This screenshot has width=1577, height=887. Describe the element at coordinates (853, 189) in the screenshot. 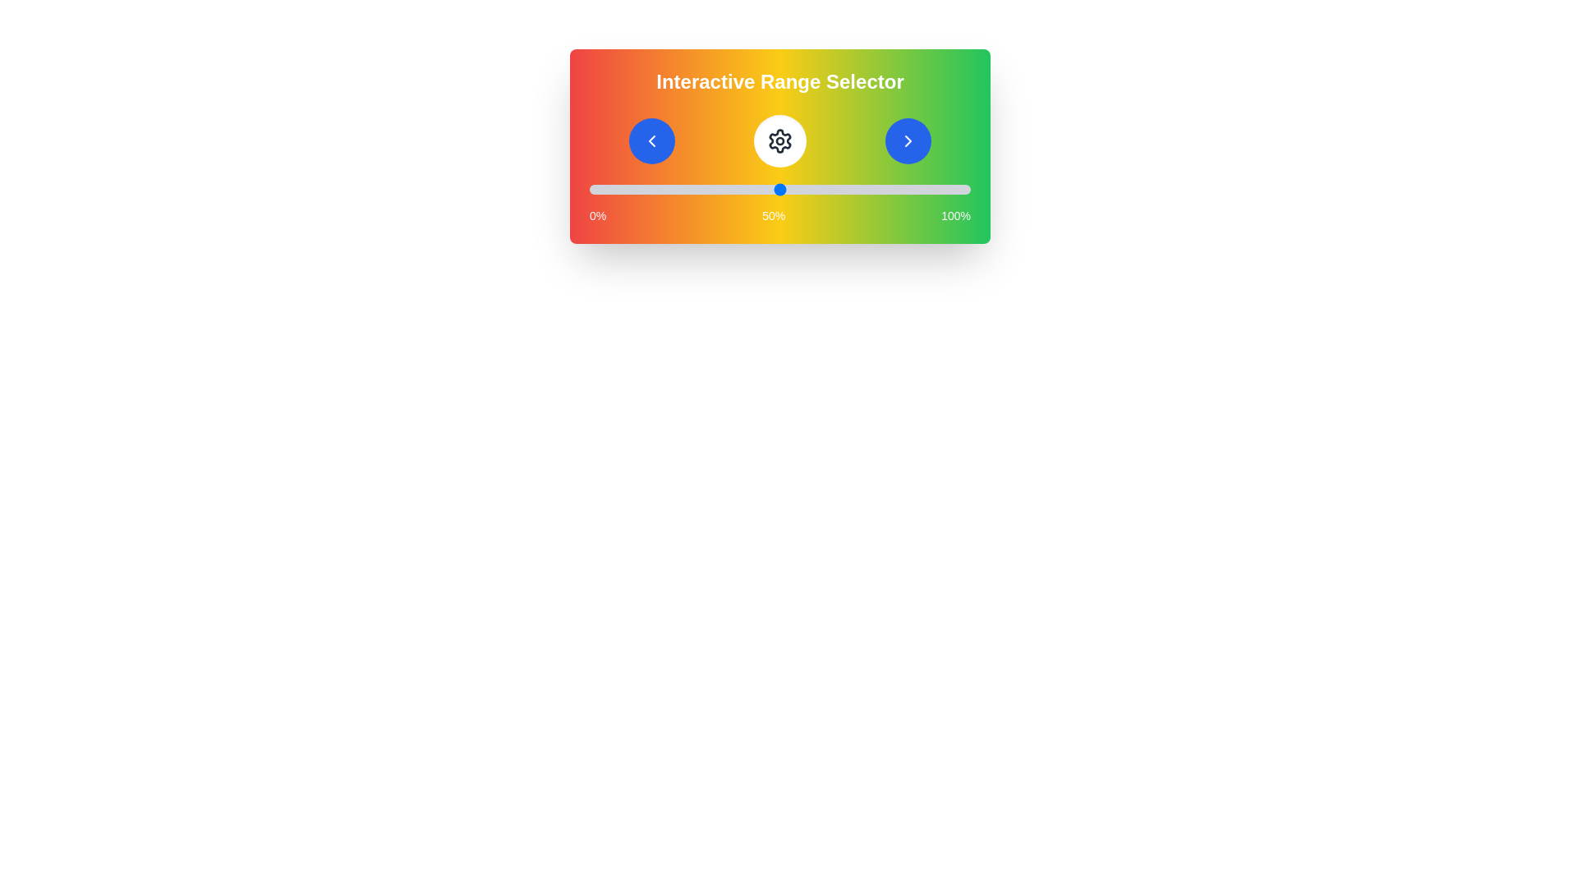

I see `the slider to set the value to 69%` at that location.